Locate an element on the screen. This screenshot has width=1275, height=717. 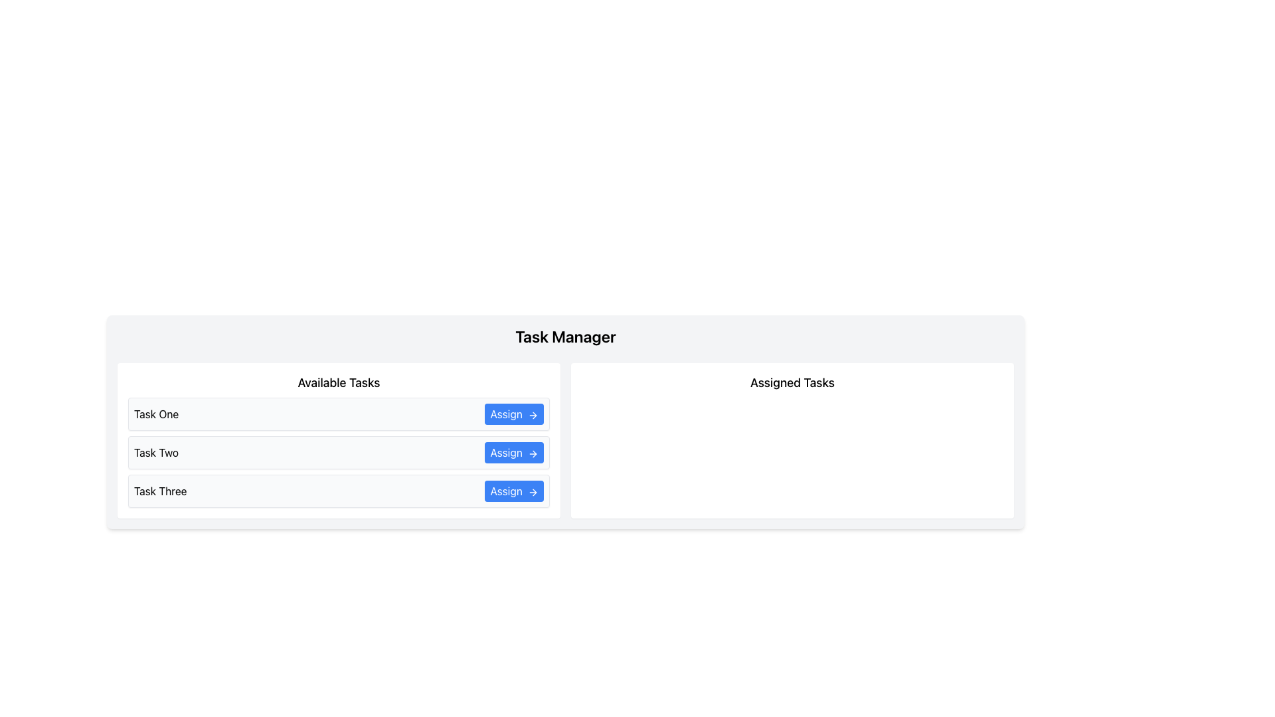
text label 'Assigned Tasks' which is a bold section header located near the top of the right-hand pane is located at coordinates (792, 383).